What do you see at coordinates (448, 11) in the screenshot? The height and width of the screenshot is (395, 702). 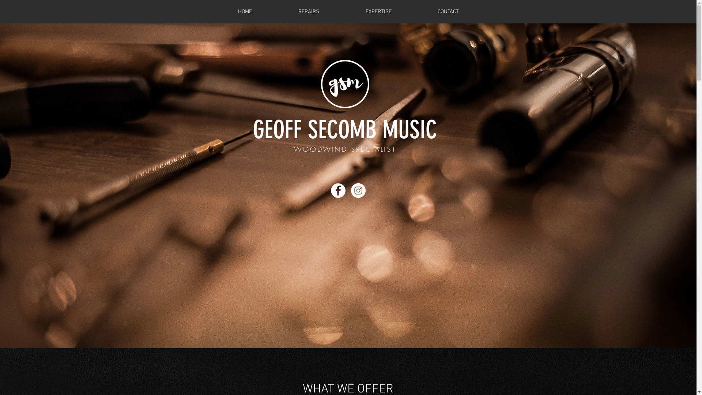 I see `'CONTACT'` at bounding box center [448, 11].